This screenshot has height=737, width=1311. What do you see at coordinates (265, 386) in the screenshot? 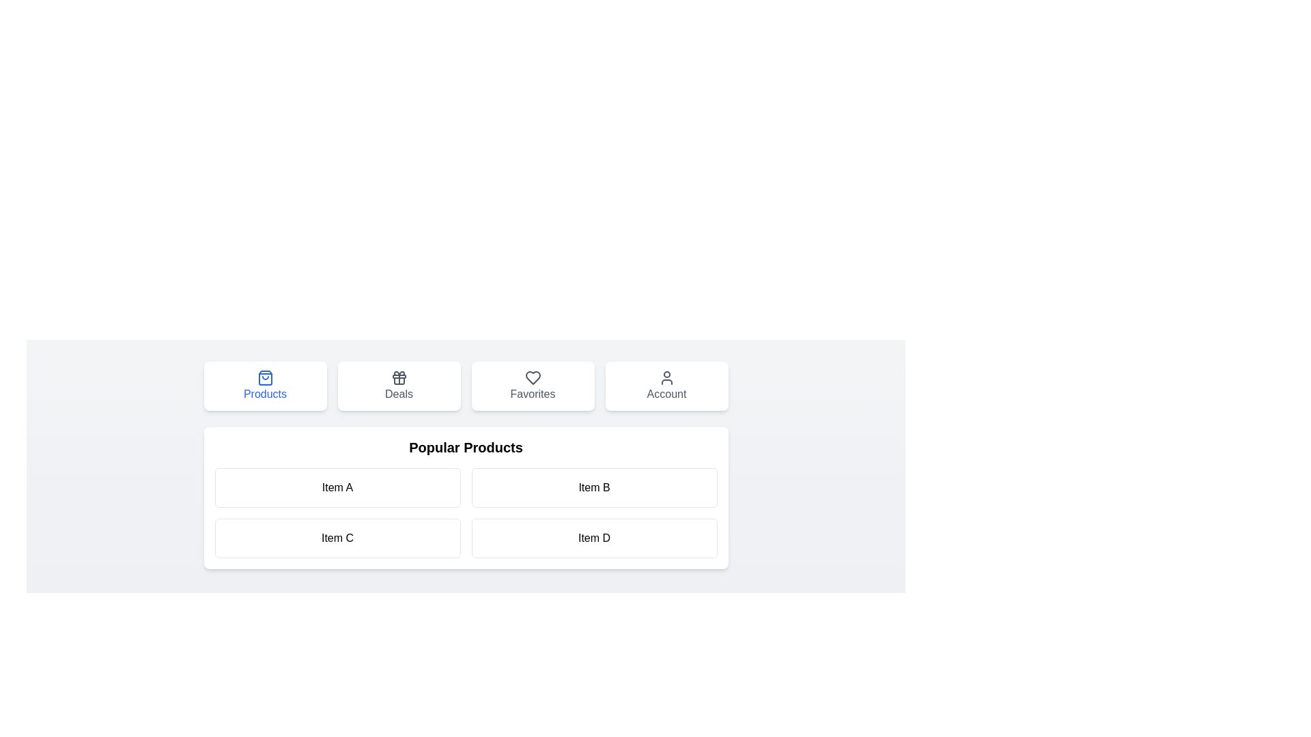
I see `the tab labeled Products` at bounding box center [265, 386].